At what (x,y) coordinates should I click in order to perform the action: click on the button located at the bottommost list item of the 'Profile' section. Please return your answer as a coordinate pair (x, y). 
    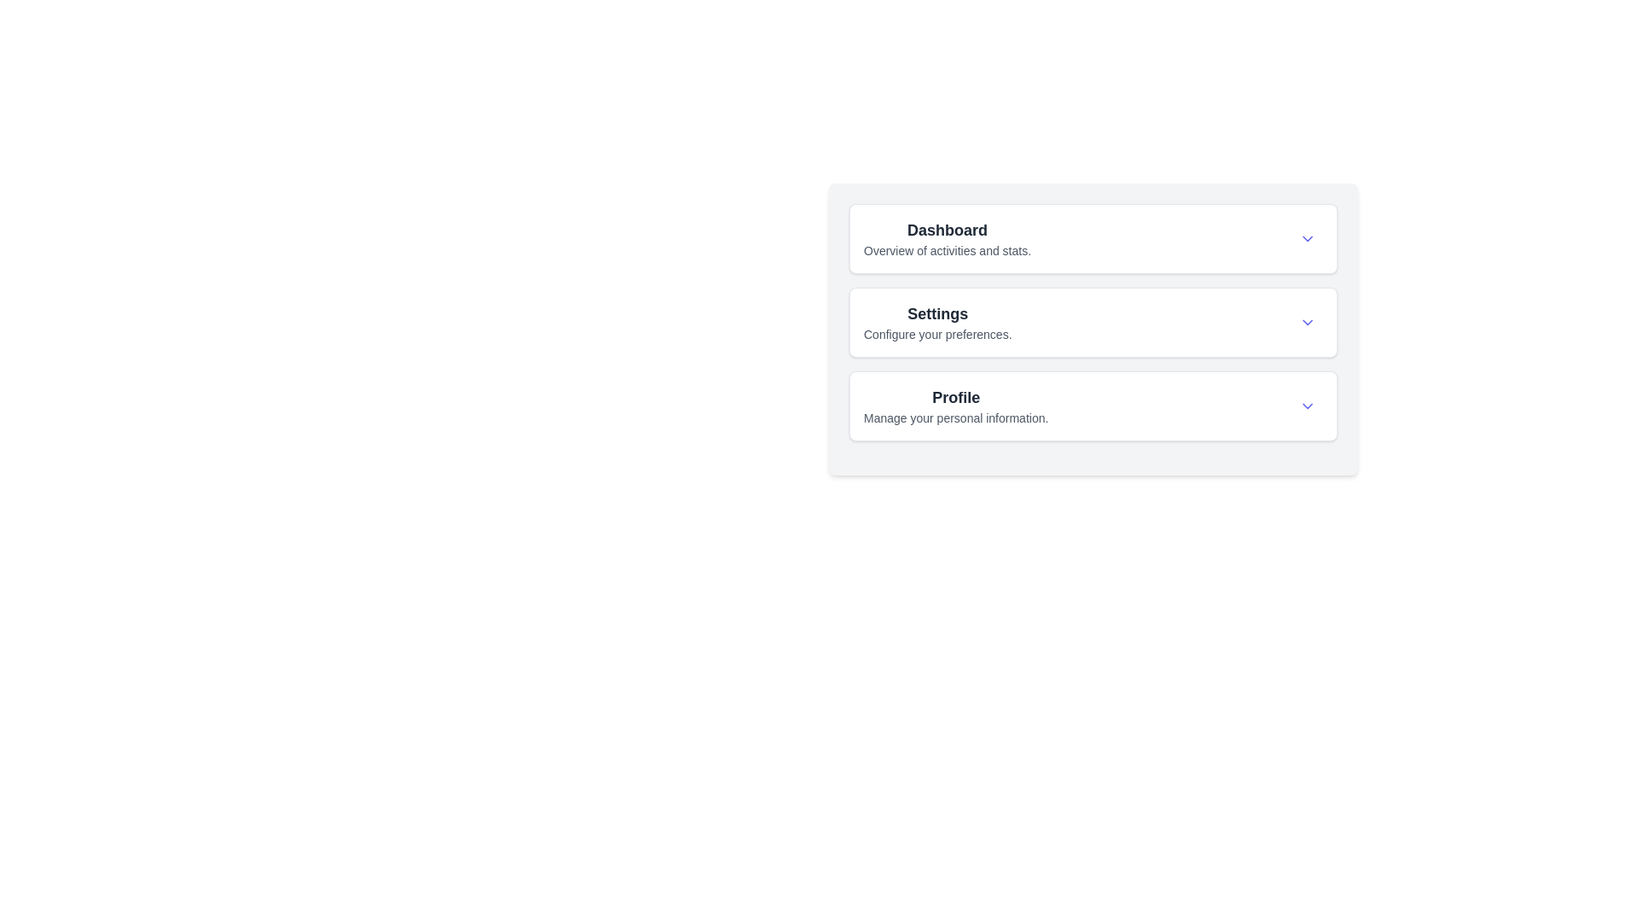
    Looking at the image, I should click on (1306, 406).